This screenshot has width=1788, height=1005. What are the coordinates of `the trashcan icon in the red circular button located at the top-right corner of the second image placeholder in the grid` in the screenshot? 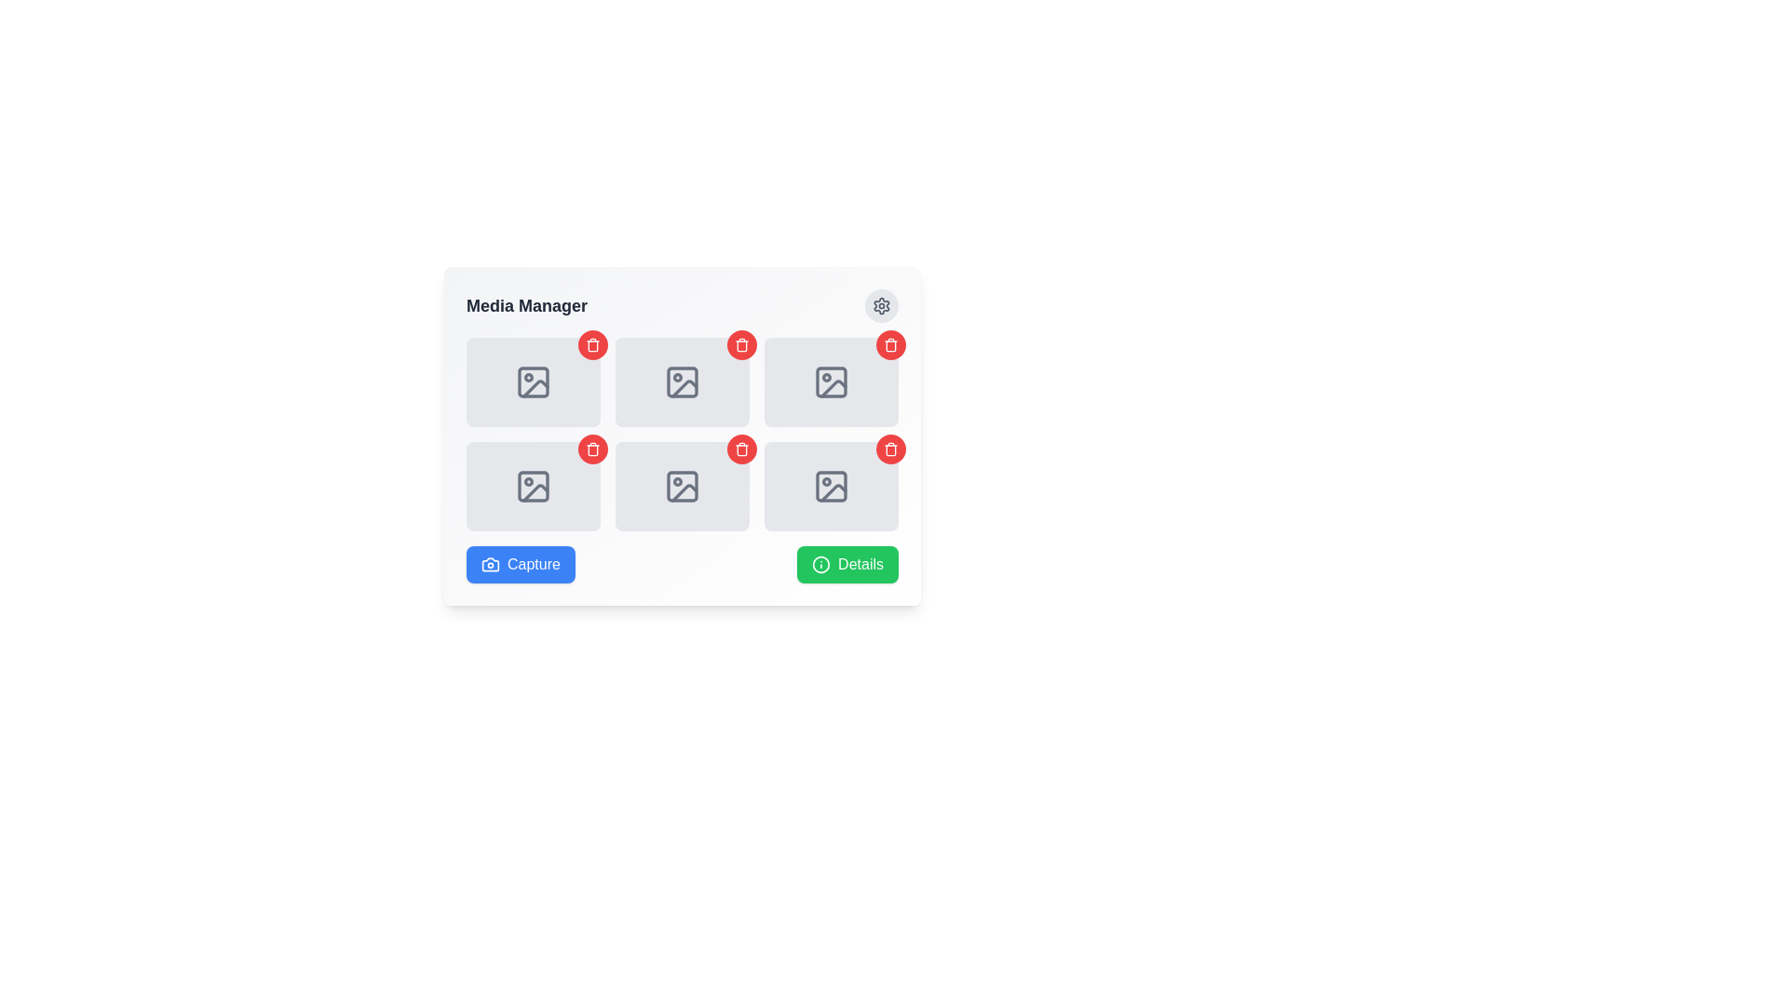 It's located at (592, 449).